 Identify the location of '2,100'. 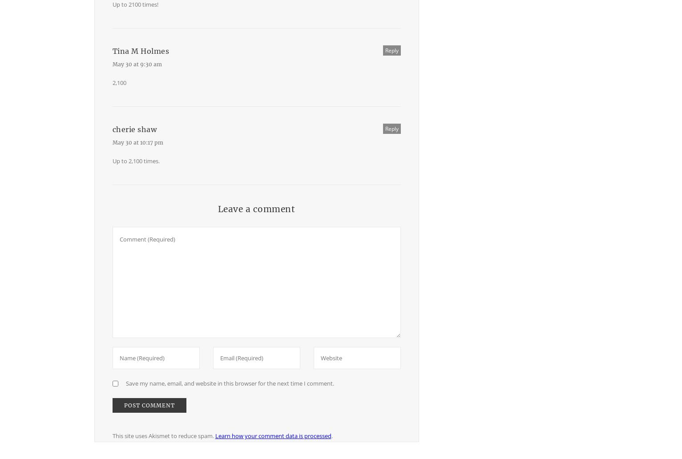
(119, 82).